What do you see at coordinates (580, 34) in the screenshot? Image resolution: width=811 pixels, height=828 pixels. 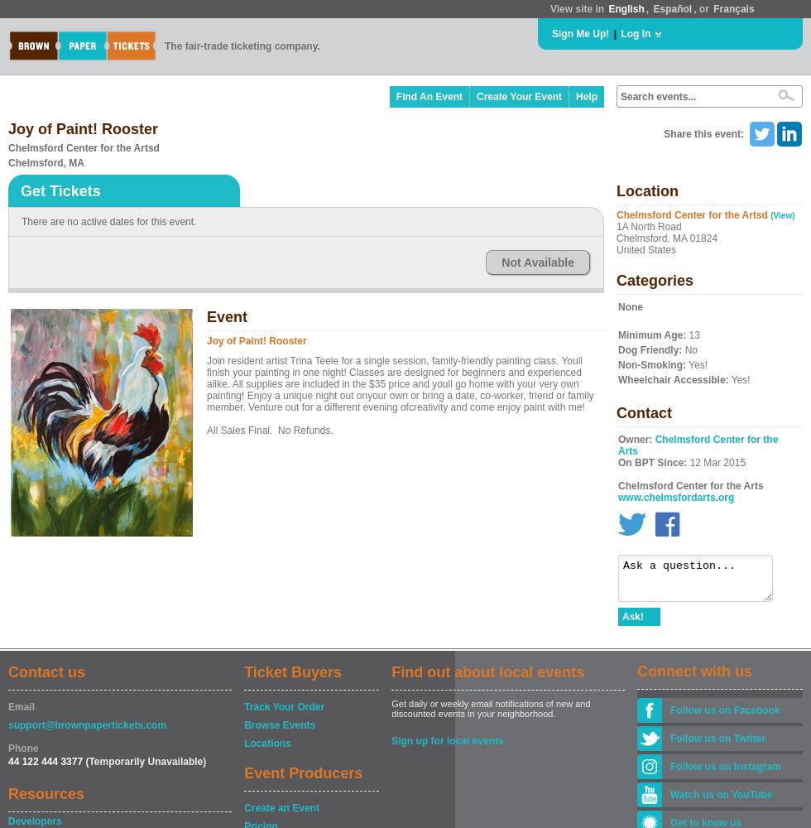 I see `'Sign Me Up!'` at bounding box center [580, 34].